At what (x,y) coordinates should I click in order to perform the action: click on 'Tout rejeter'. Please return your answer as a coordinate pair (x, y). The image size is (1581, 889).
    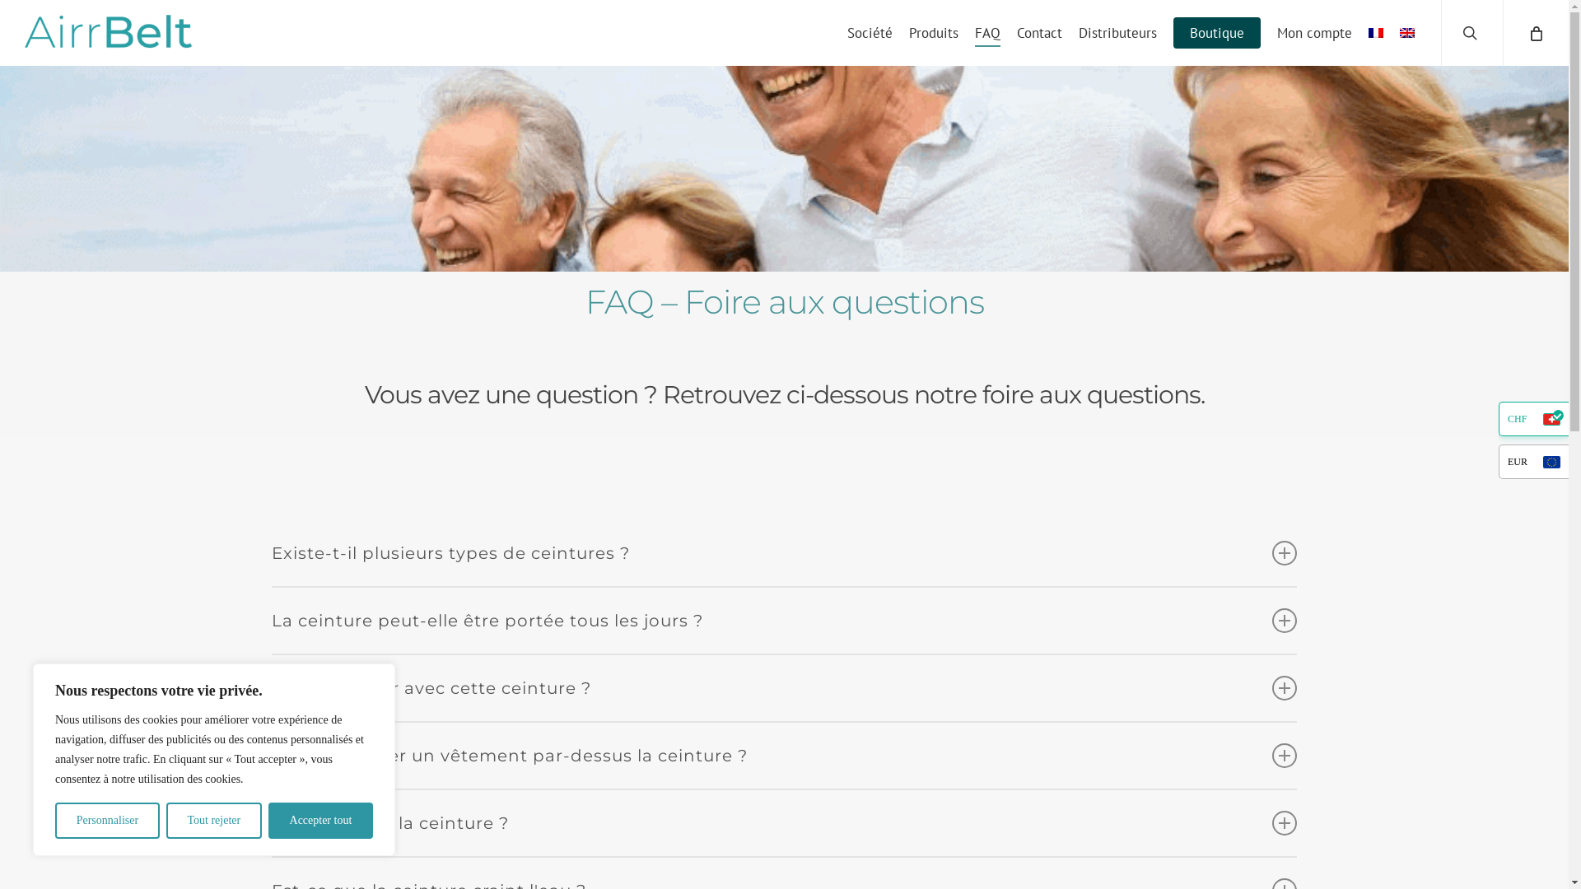
    Looking at the image, I should click on (212, 820).